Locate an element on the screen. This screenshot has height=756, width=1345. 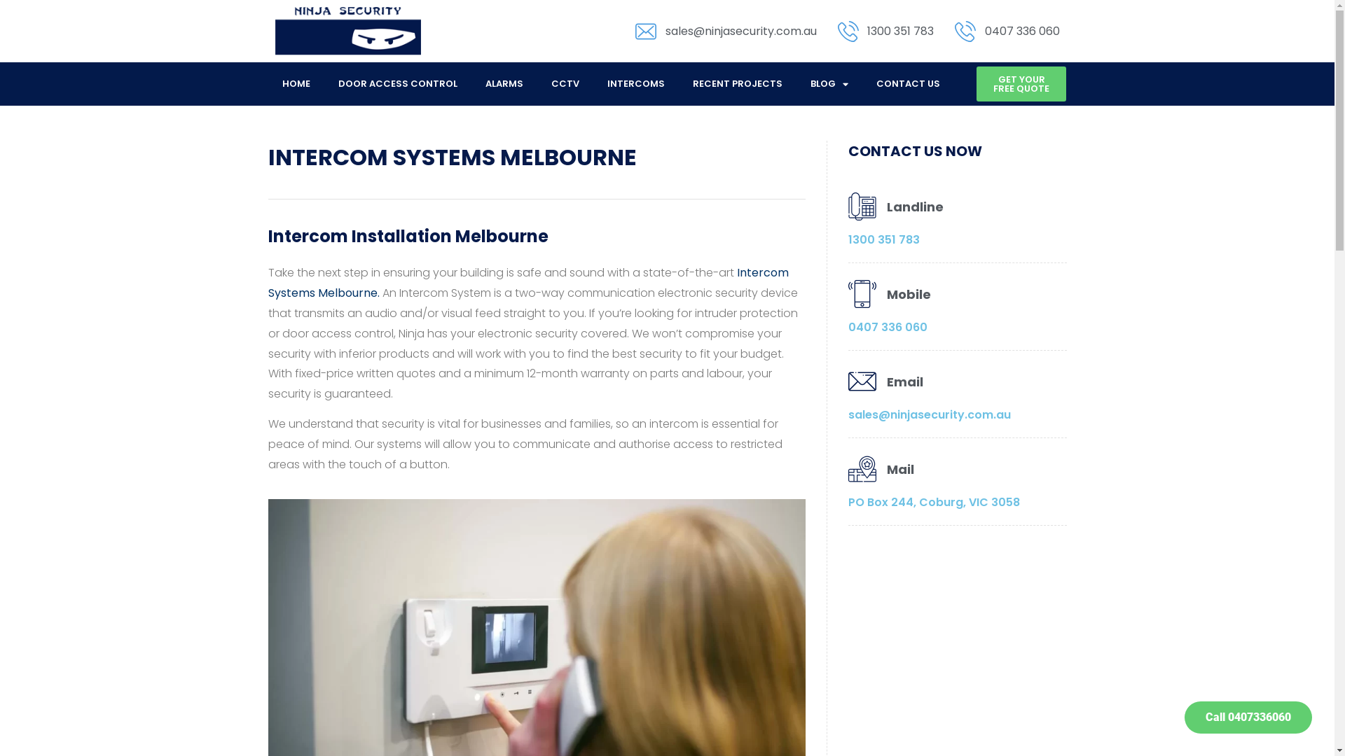
'PO Box 244, Coburg, VIC 3058' is located at coordinates (846, 501).